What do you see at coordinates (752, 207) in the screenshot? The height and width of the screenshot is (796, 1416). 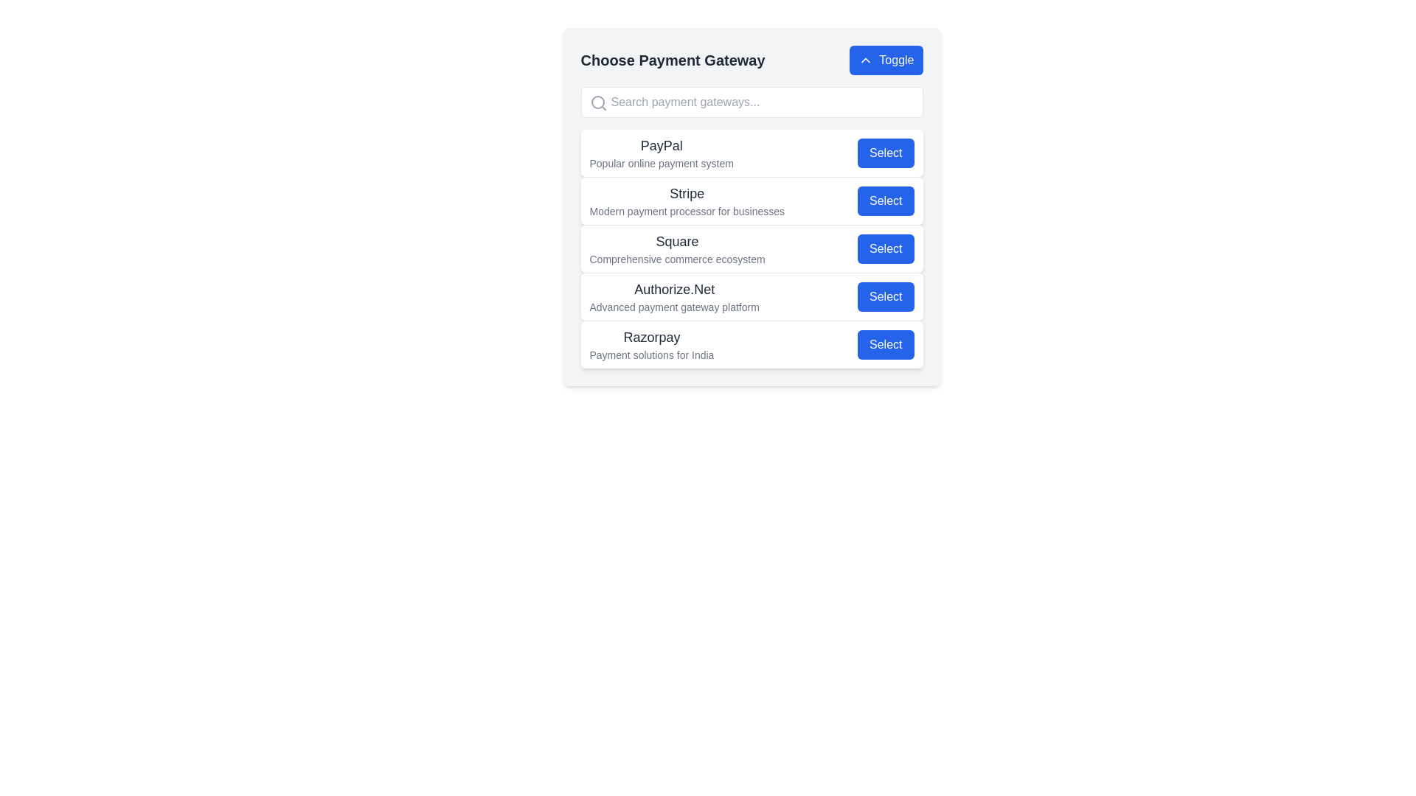 I see `the 'Stripe' payment gateway list item` at bounding box center [752, 207].